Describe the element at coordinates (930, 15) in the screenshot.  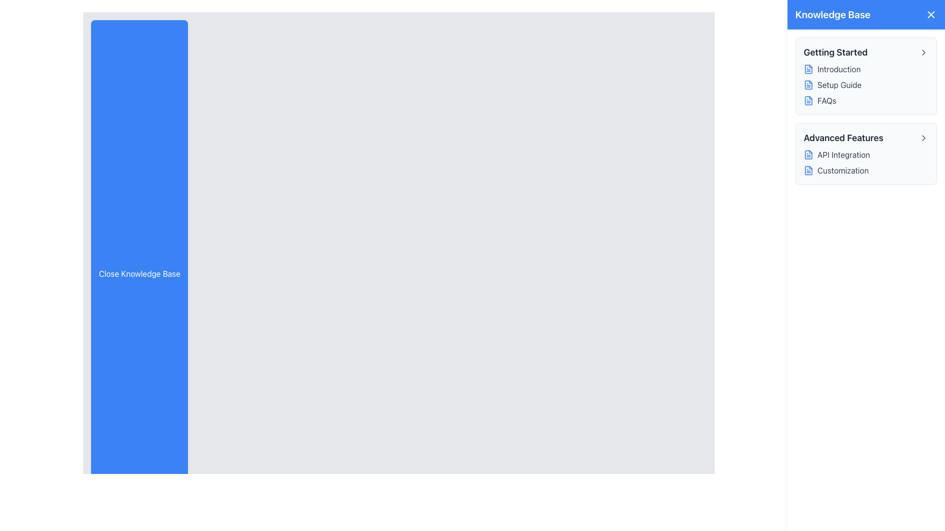
I see `the close button located in the upper-right corner of the blue header bar labeled 'Knowledge Base'` at that location.